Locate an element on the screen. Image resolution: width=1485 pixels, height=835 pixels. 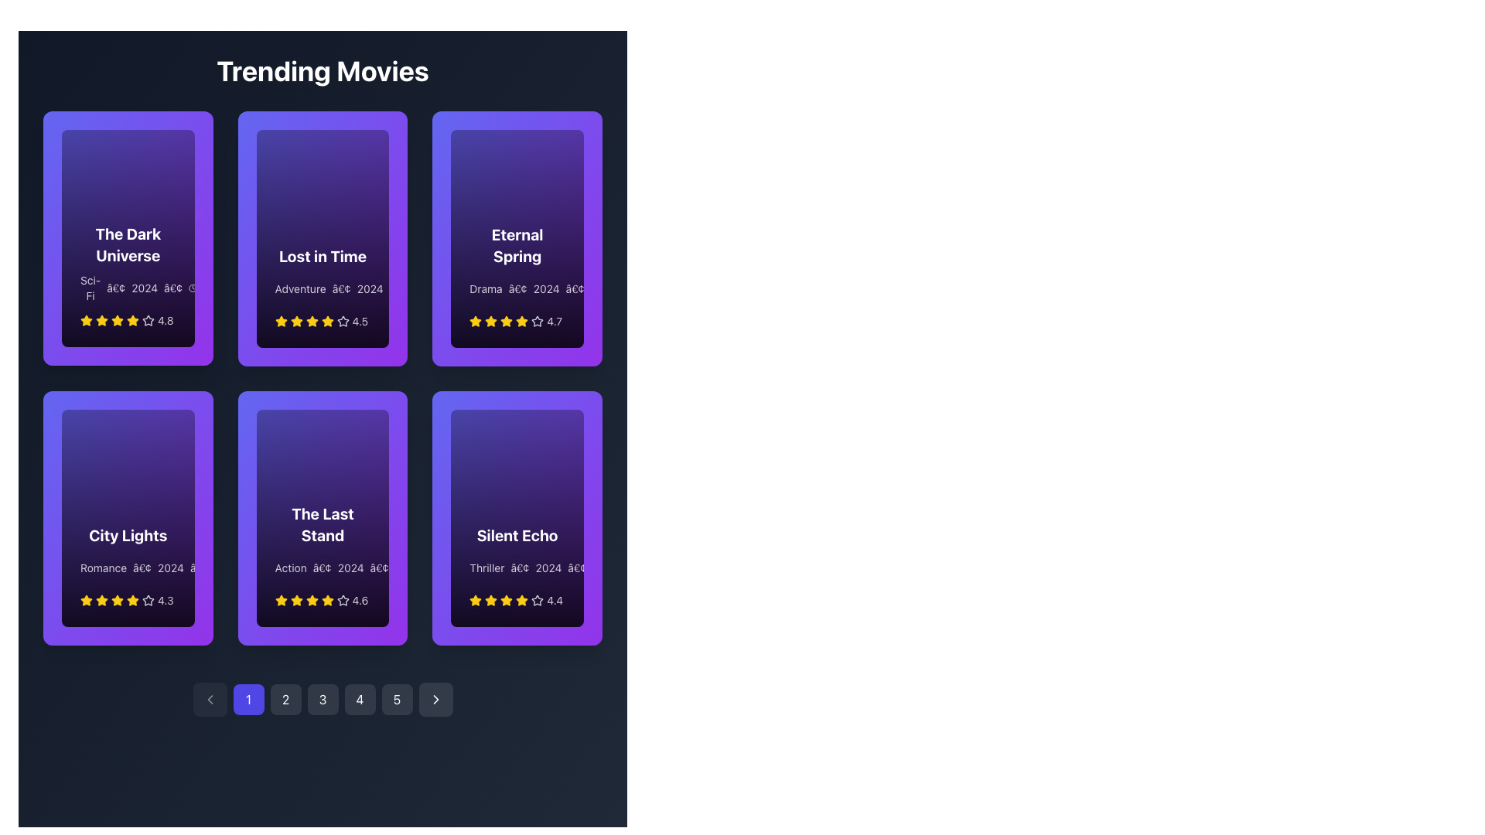
the sixth unselected star icon in the rating section below the movie card labeled 'The Last Stand' is located at coordinates (342, 599).